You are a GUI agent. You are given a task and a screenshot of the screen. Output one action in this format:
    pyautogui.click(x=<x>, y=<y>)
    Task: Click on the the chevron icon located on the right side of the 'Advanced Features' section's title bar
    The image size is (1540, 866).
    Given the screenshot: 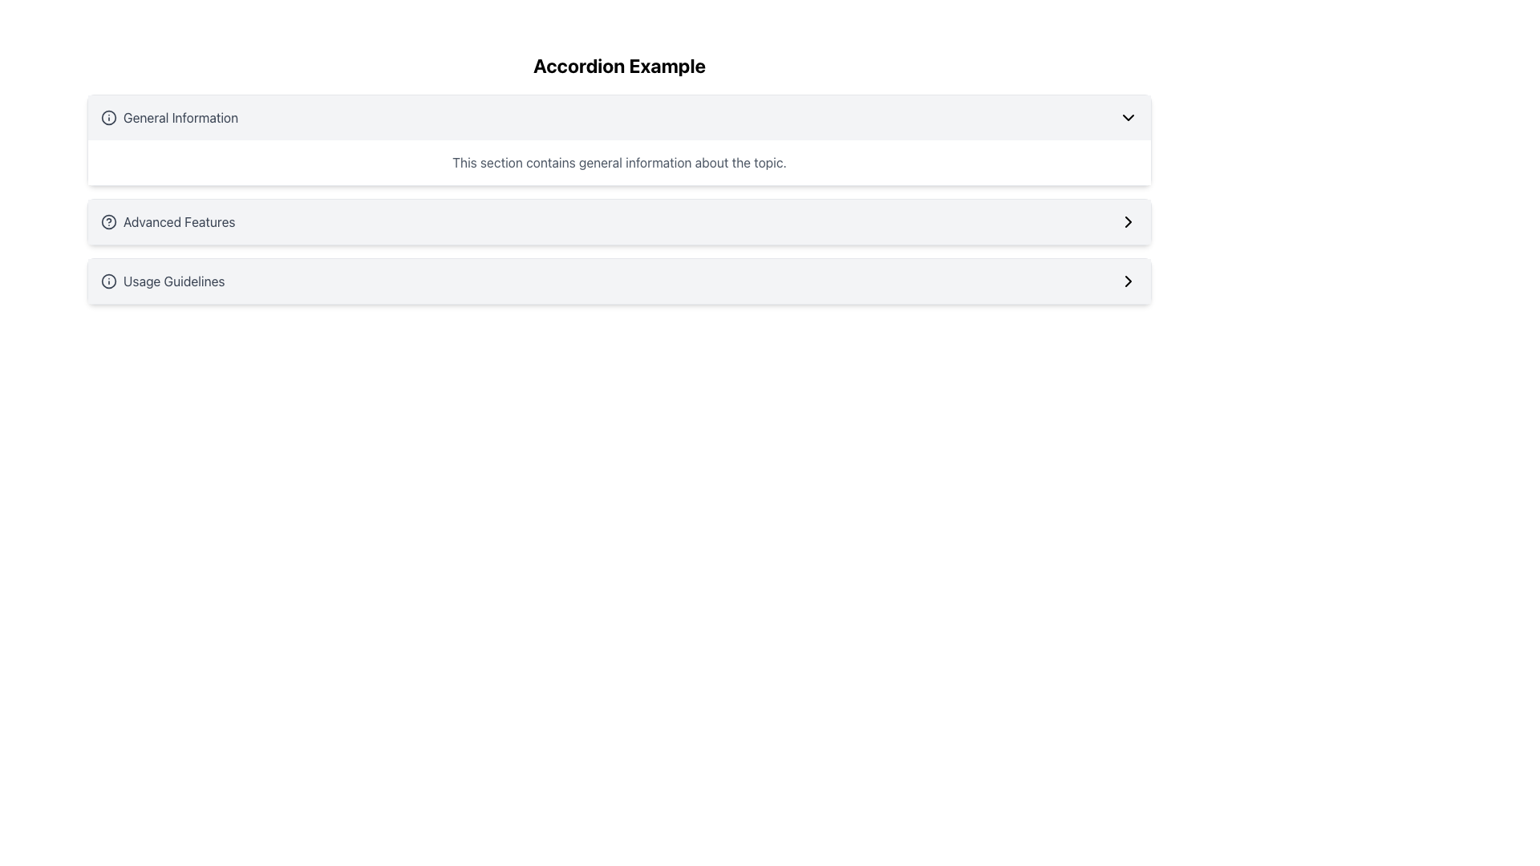 What is the action you would take?
    pyautogui.click(x=1127, y=222)
    